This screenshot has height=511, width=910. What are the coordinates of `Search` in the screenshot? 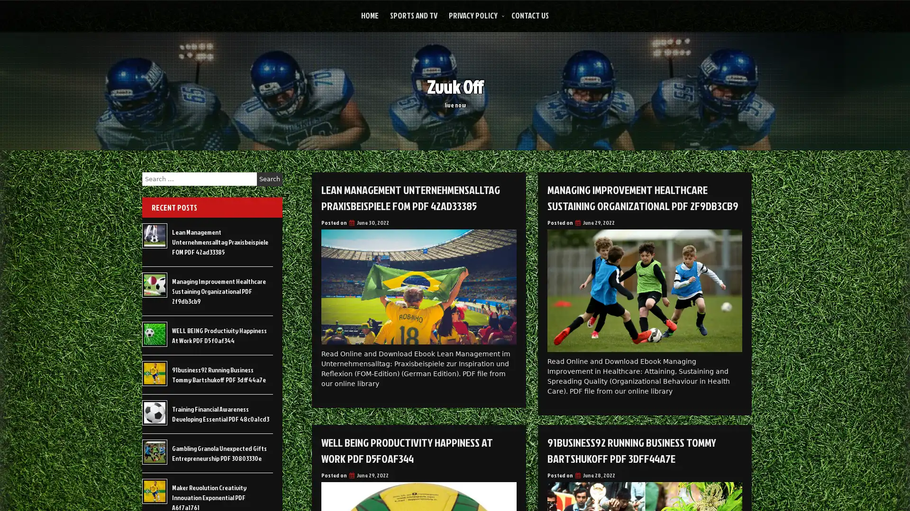 It's located at (269, 179).